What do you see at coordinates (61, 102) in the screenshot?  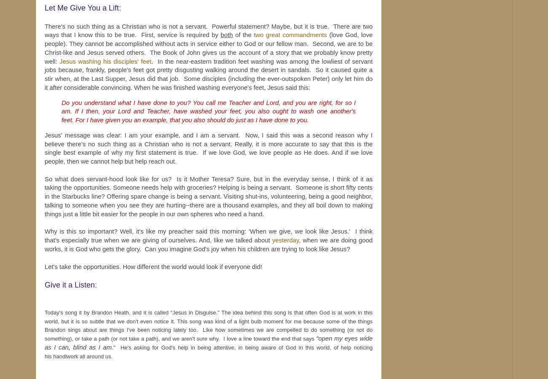 I see `'Do you understand what I have done to you?'` at bounding box center [61, 102].